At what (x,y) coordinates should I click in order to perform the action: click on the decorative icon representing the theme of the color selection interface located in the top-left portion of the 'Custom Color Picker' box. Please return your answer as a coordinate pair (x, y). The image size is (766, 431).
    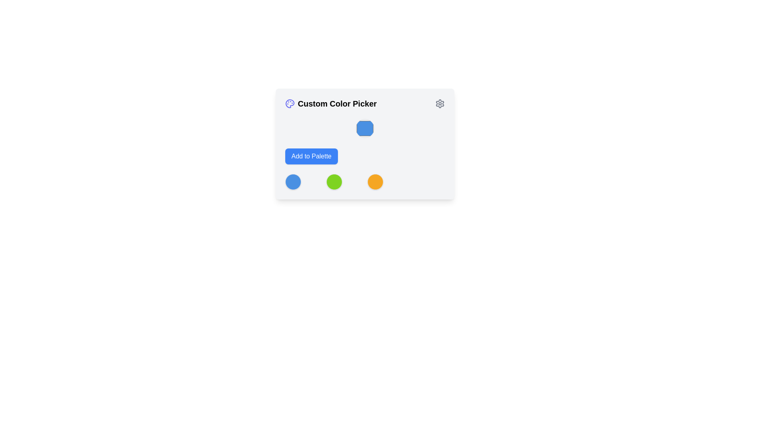
    Looking at the image, I should click on (289, 103).